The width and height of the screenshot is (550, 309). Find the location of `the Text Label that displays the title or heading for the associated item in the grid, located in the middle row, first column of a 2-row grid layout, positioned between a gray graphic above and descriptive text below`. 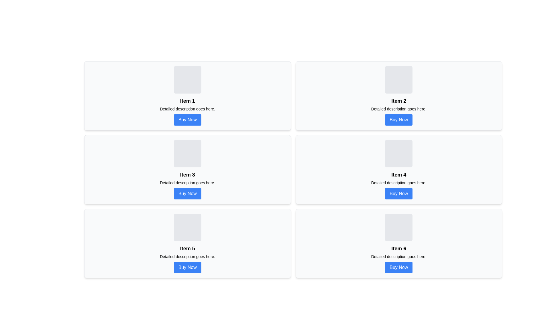

the Text Label that displays the title or heading for the associated item in the grid, located in the middle row, first column of a 2-row grid layout, positioned between a gray graphic above and descriptive text below is located at coordinates (187, 174).